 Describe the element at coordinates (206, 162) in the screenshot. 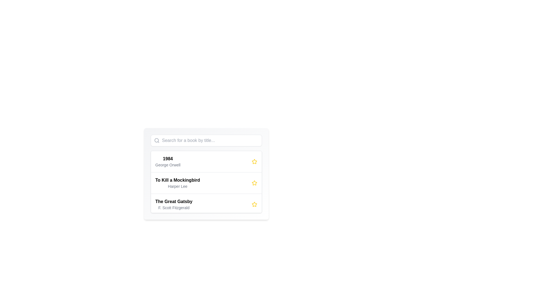

I see `the first list item representing the book '1984' by George Orwell` at that location.